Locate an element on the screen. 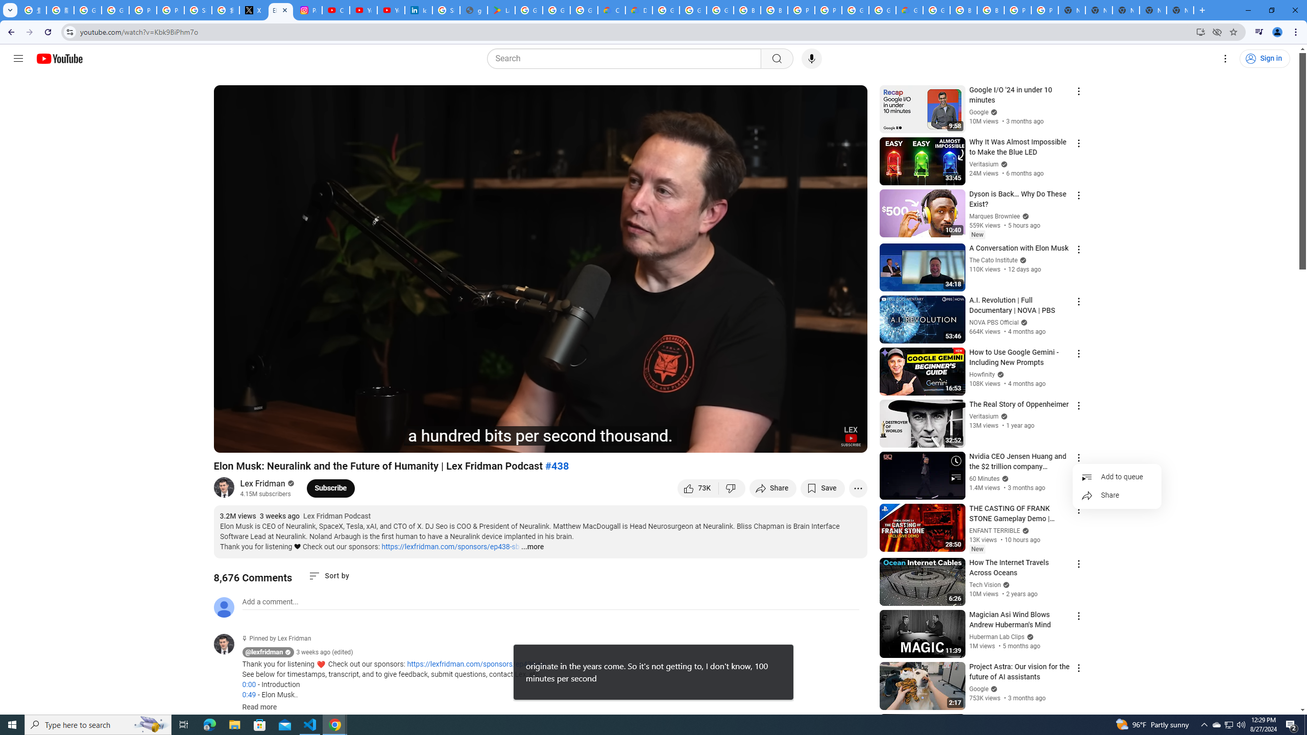 Image resolution: width=1307 pixels, height=735 pixels. 'Share' is located at coordinates (1116, 495).